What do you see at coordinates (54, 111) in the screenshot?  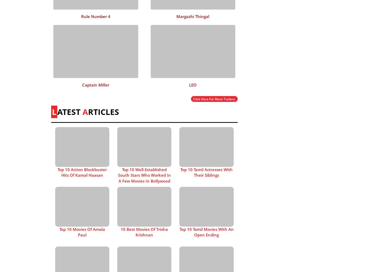 I see `'L'` at bounding box center [54, 111].